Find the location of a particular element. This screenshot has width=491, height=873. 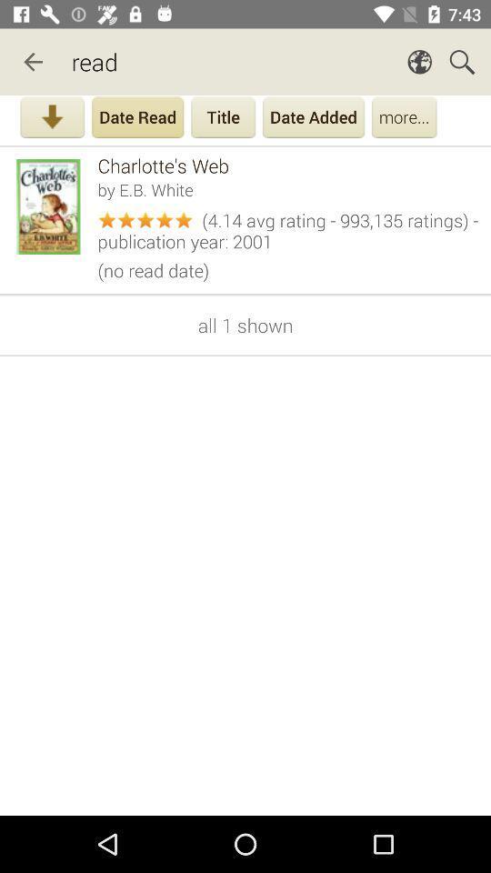

download button is located at coordinates (52, 118).